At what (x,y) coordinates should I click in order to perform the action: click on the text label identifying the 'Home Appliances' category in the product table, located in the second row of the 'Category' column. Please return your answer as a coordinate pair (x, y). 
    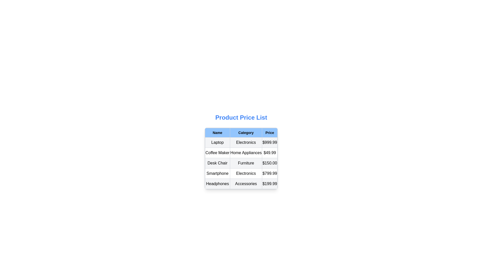
    Looking at the image, I should click on (246, 152).